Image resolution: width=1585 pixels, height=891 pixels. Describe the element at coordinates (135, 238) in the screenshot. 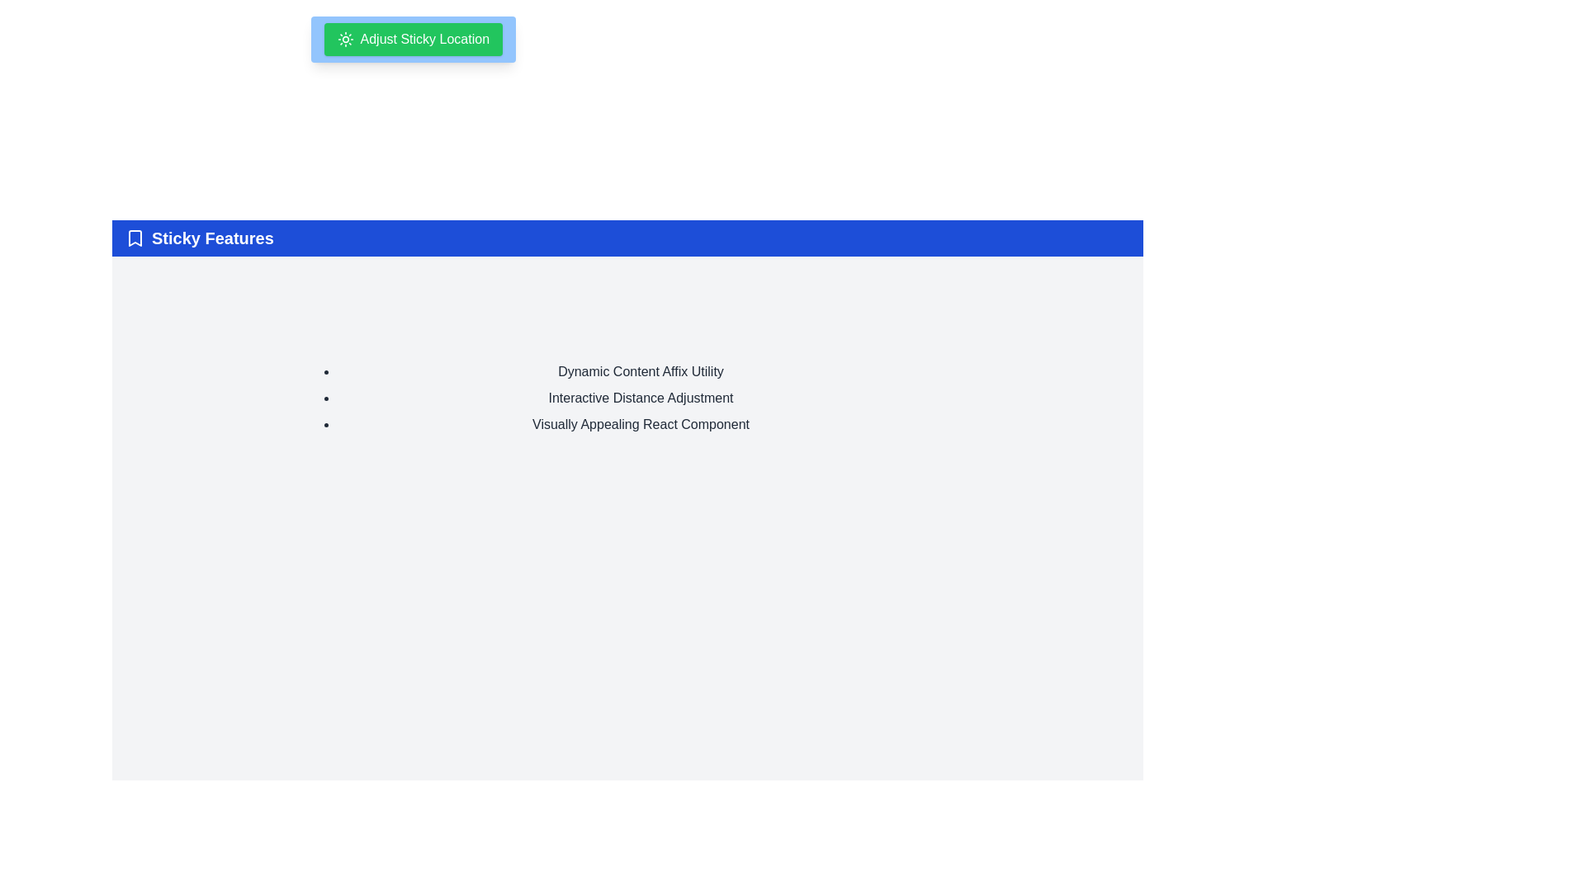

I see `the decorative or interactive icon located at the top-left of the header section, titled 'Sticky Features', which is adjacent to the heading text` at that location.